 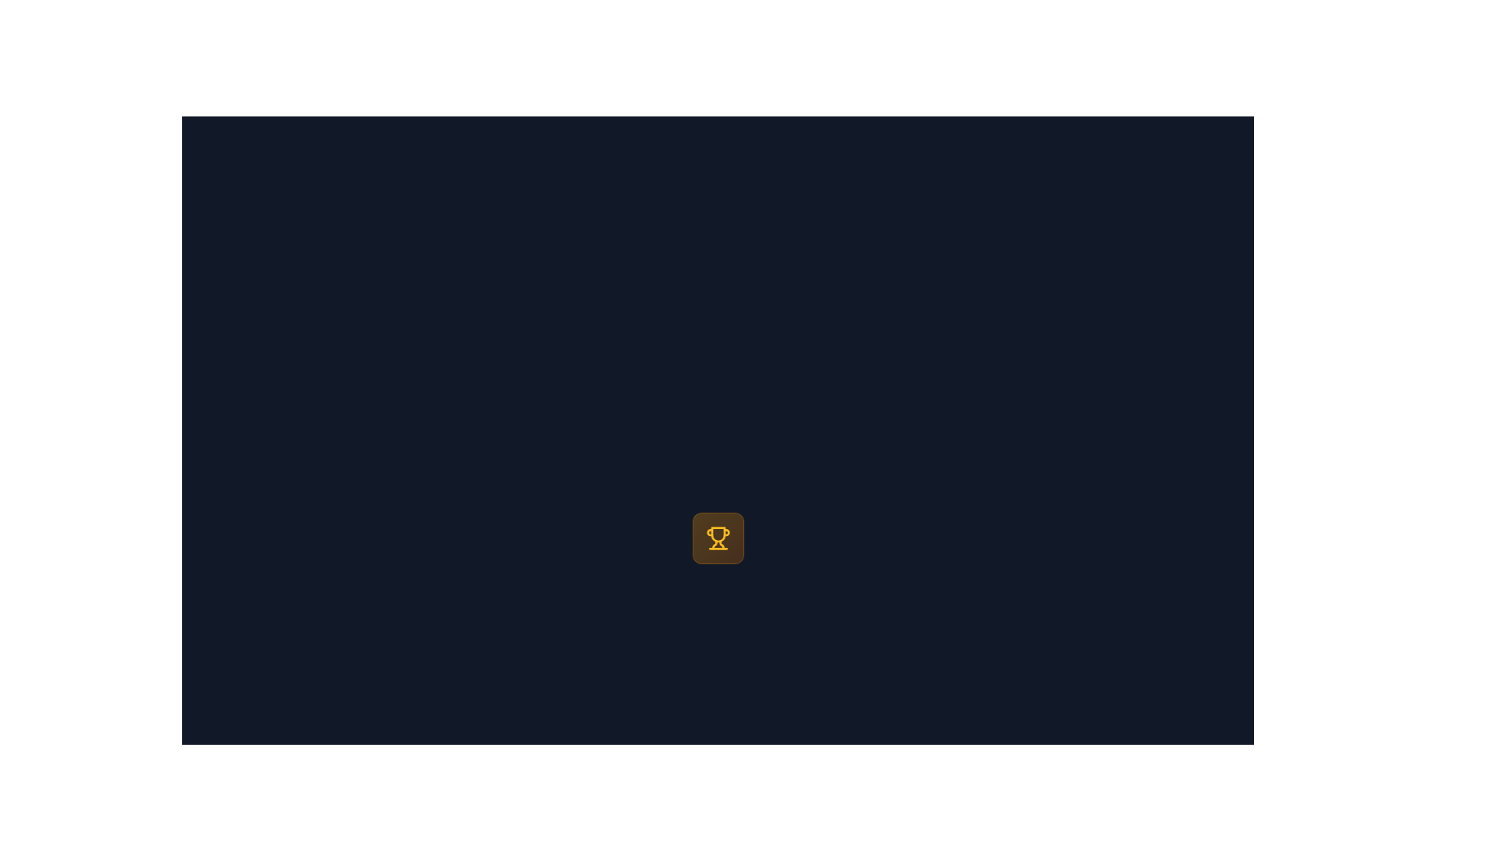 What do you see at coordinates (717, 538) in the screenshot?
I see `the central achievement icon, which serves as a decorative representation of rewards or victories in the UI` at bounding box center [717, 538].